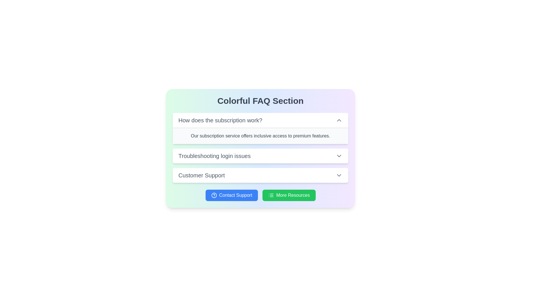  Describe the element at coordinates (260, 148) in the screenshot. I see `the Expandable panel located in the Colorful FAQ Section, which has a gradient background from green to purple and is positioned centrally below the title` at that location.